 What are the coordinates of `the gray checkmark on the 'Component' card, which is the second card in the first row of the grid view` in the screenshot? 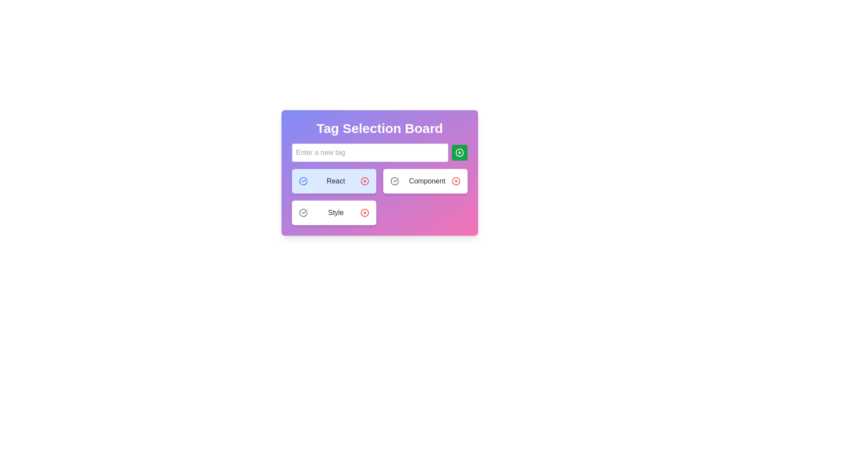 It's located at (425, 180).